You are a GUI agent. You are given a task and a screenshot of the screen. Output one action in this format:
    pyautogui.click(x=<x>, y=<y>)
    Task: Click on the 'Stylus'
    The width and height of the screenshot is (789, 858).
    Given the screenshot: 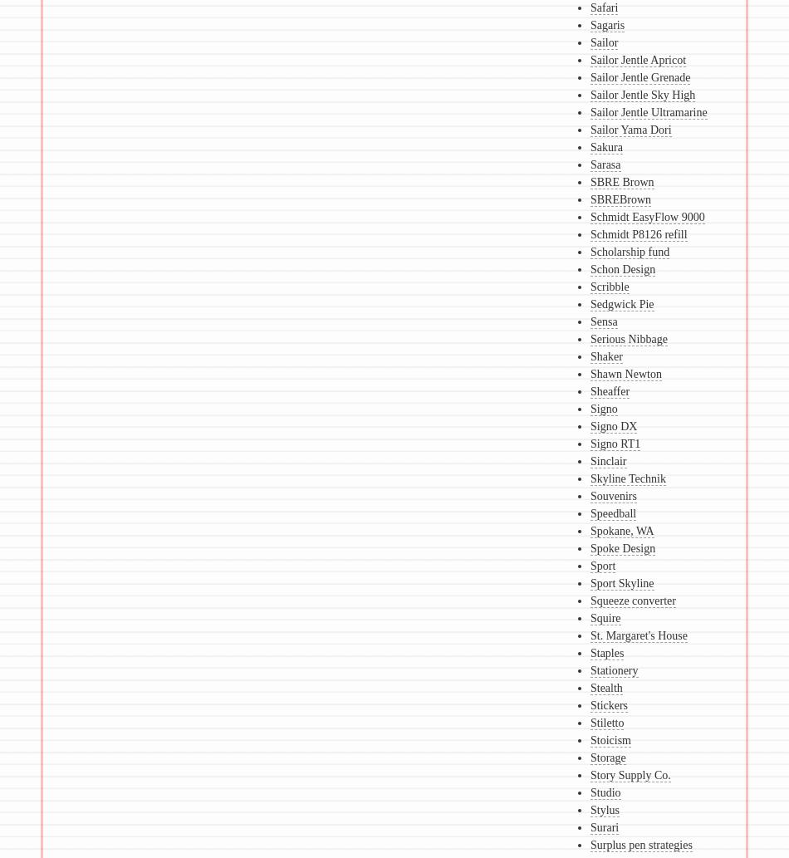 What is the action you would take?
    pyautogui.click(x=603, y=809)
    